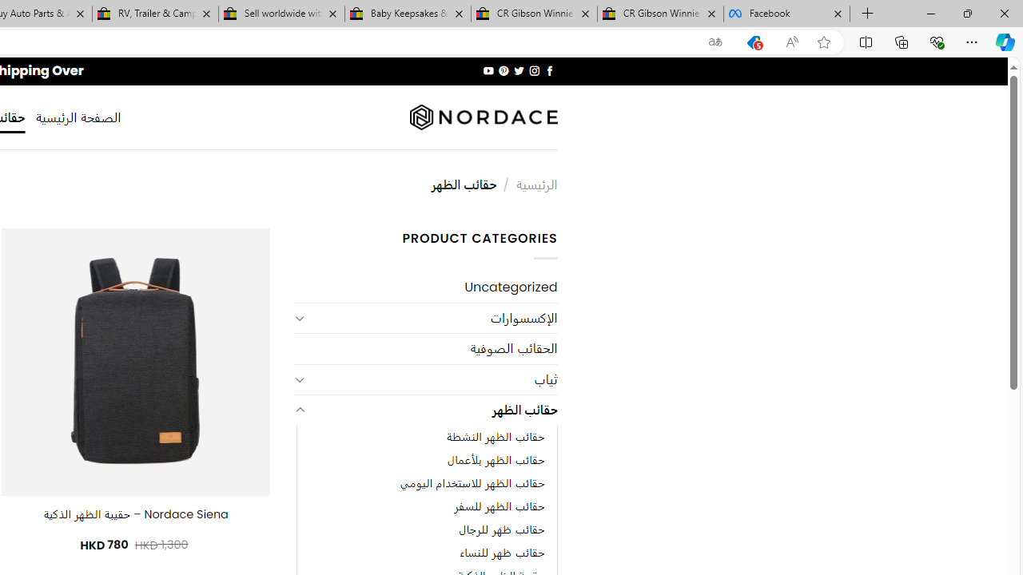 Image resolution: width=1023 pixels, height=575 pixels. What do you see at coordinates (715, 42) in the screenshot?
I see `'Show translate options'` at bounding box center [715, 42].